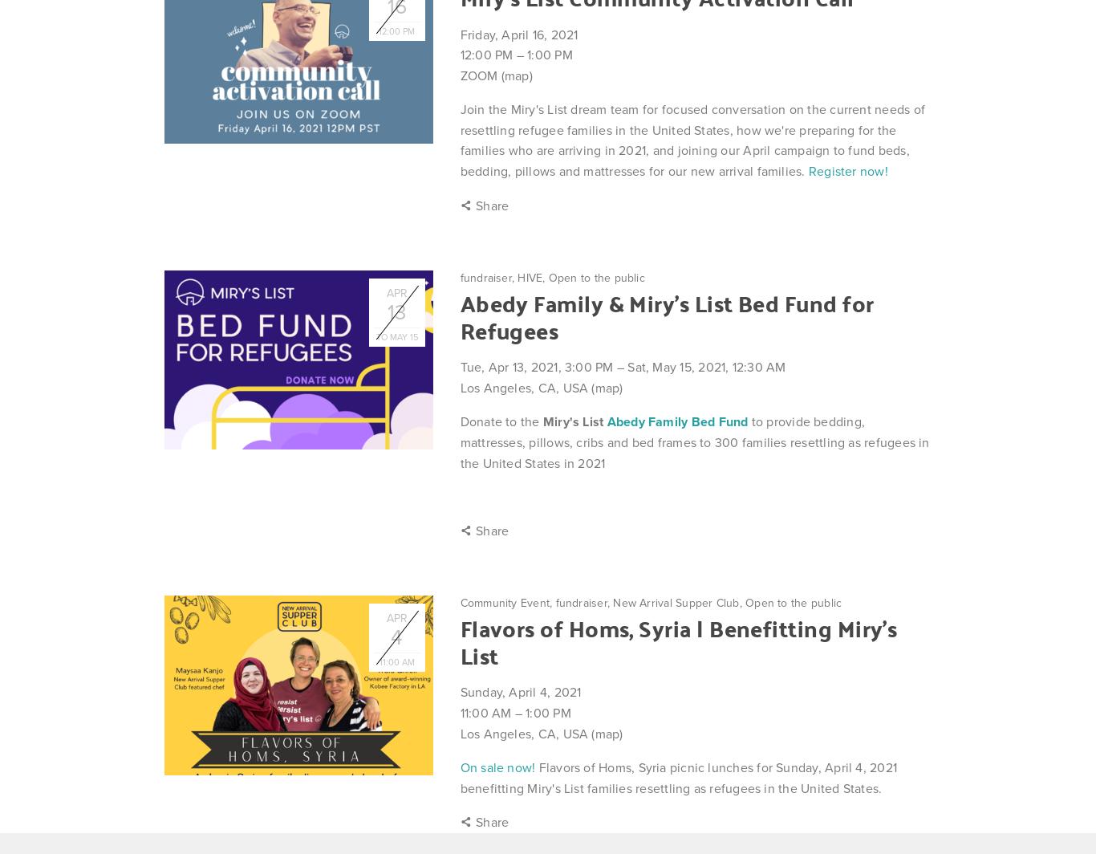  Describe the element at coordinates (675, 603) in the screenshot. I see `'New Arrival Supper Club'` at that location.